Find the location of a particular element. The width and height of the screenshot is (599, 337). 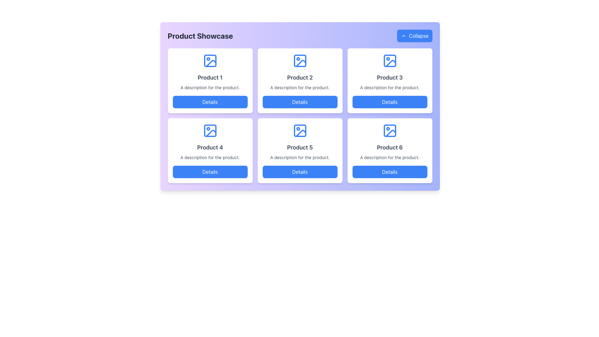

the 'Collapse' button with a blue background and upward-pointing chevron icon, located in the top-right corner of the 'Product Showcase' panel to activate hover effects is located at coordinates (415, 36).